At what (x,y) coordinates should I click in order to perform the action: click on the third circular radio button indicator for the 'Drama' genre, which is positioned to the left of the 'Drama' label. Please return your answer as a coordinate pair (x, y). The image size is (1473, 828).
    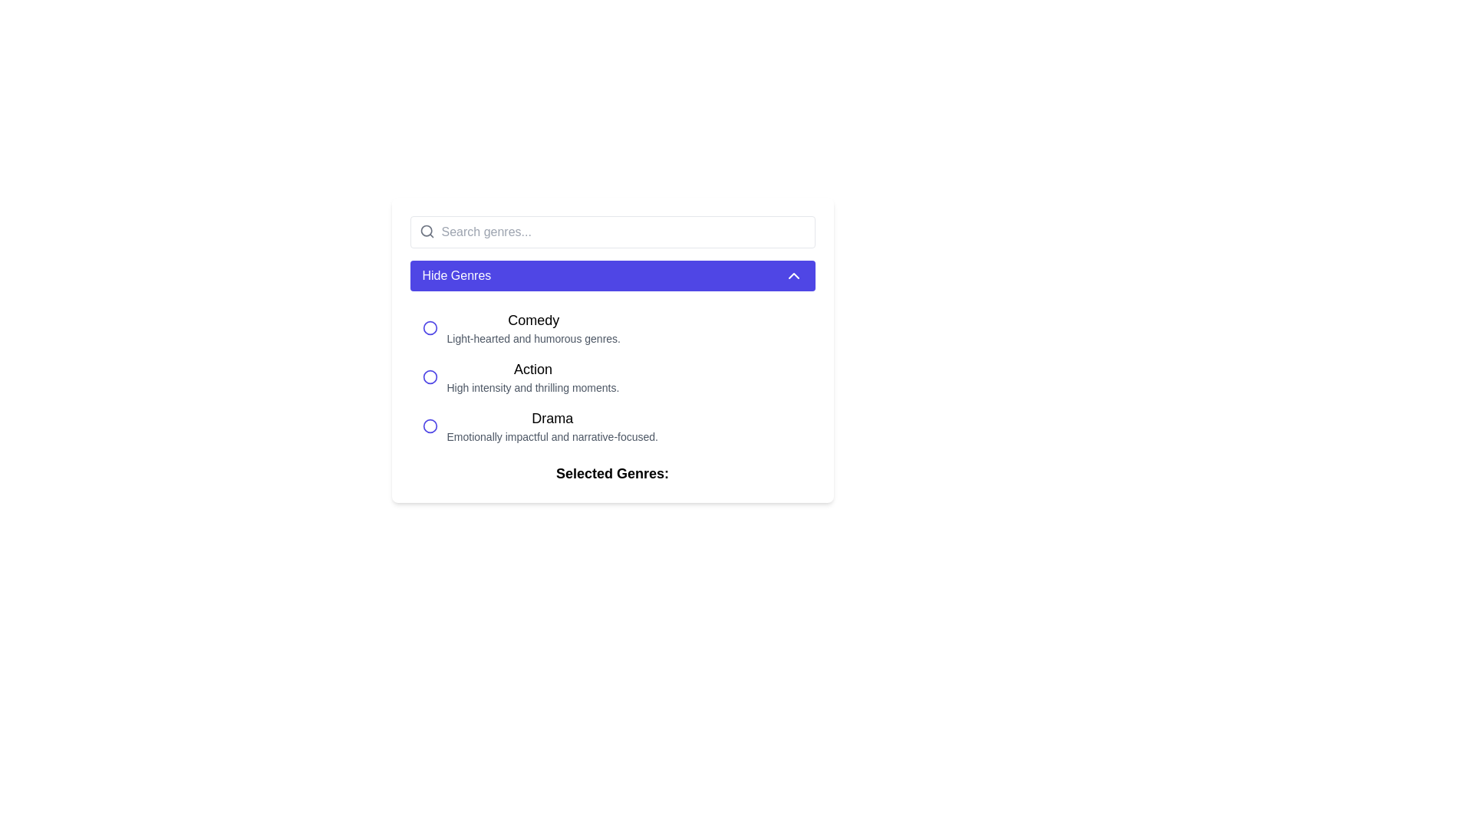
    Looking at the image, I should click on (430, 426).